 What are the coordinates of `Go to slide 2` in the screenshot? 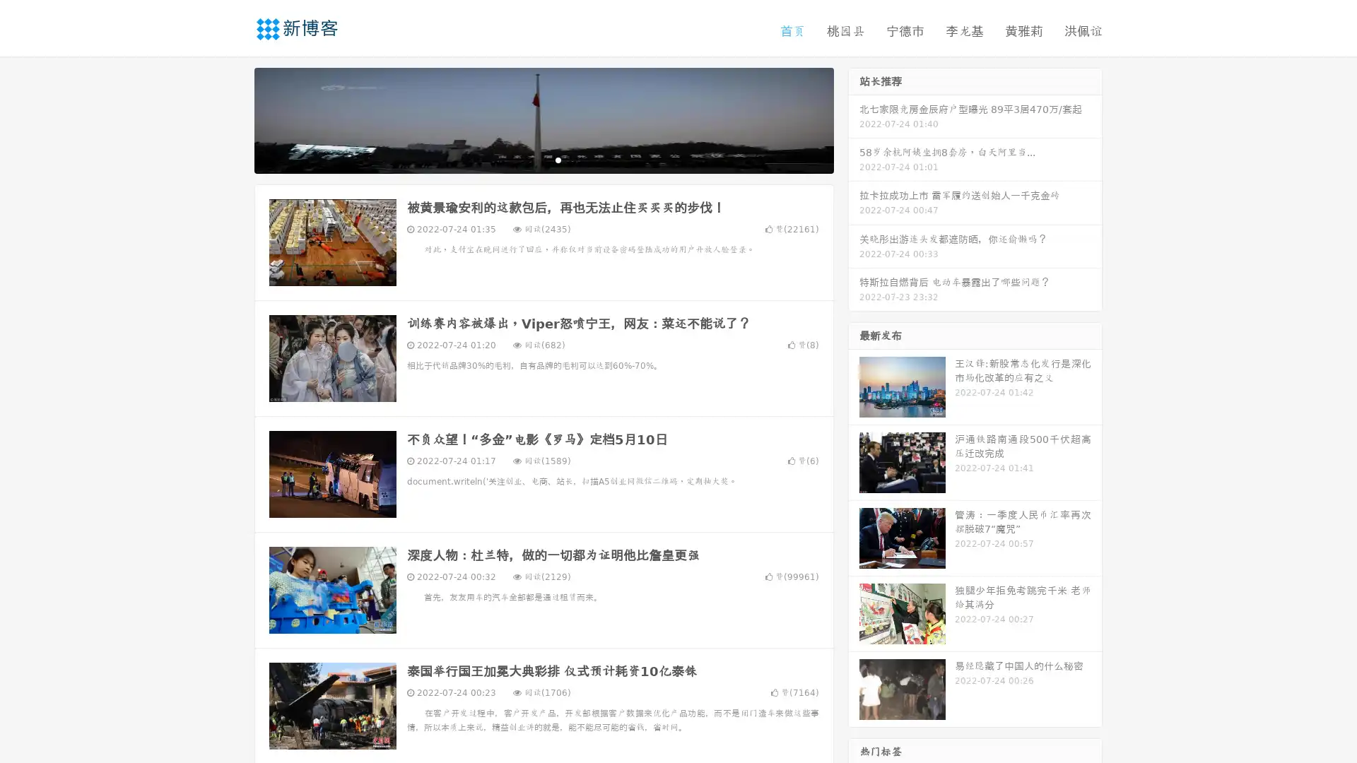 It's located at (543, 159).